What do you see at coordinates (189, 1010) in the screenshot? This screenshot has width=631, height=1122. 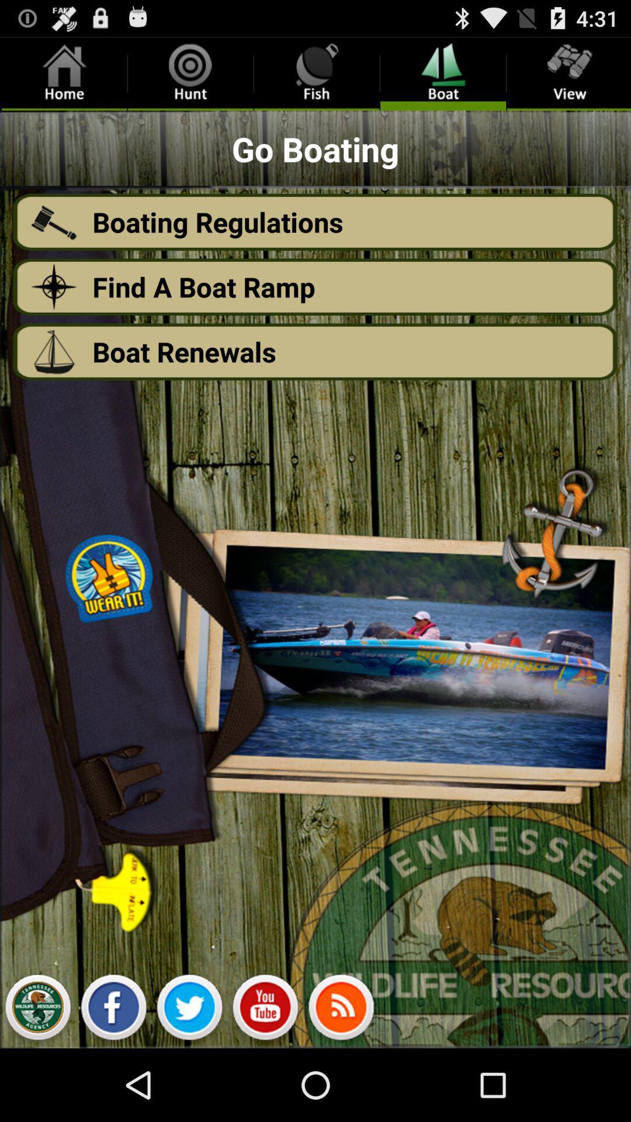 I see `share to twitter` at bounding box center [189, 1010].